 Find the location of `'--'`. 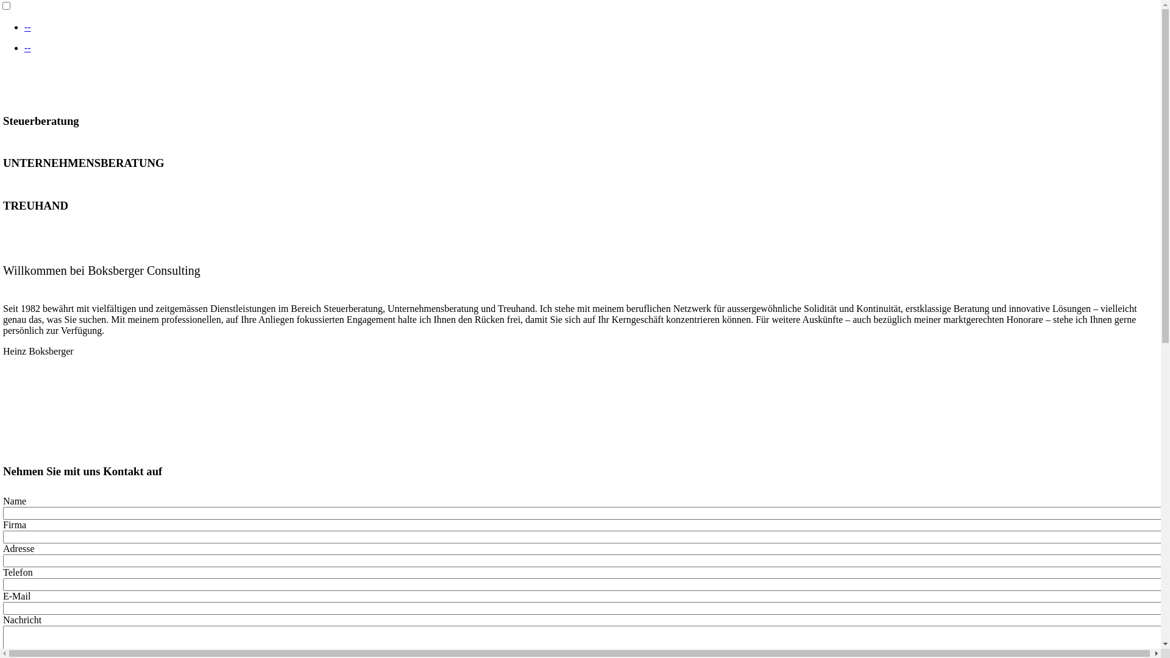

'--' is located at coordinates (27, 47).